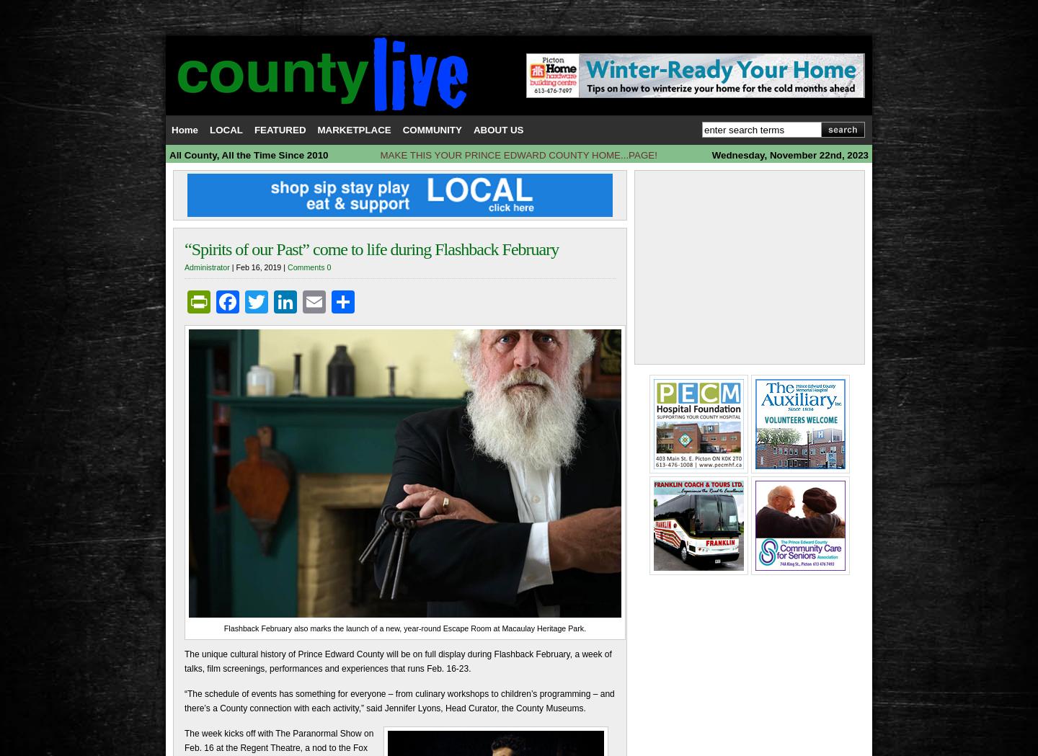  What do you see at coordinates (184, 129) in the screenshot?
I see `'Home'` at bounding box center [184, 129].